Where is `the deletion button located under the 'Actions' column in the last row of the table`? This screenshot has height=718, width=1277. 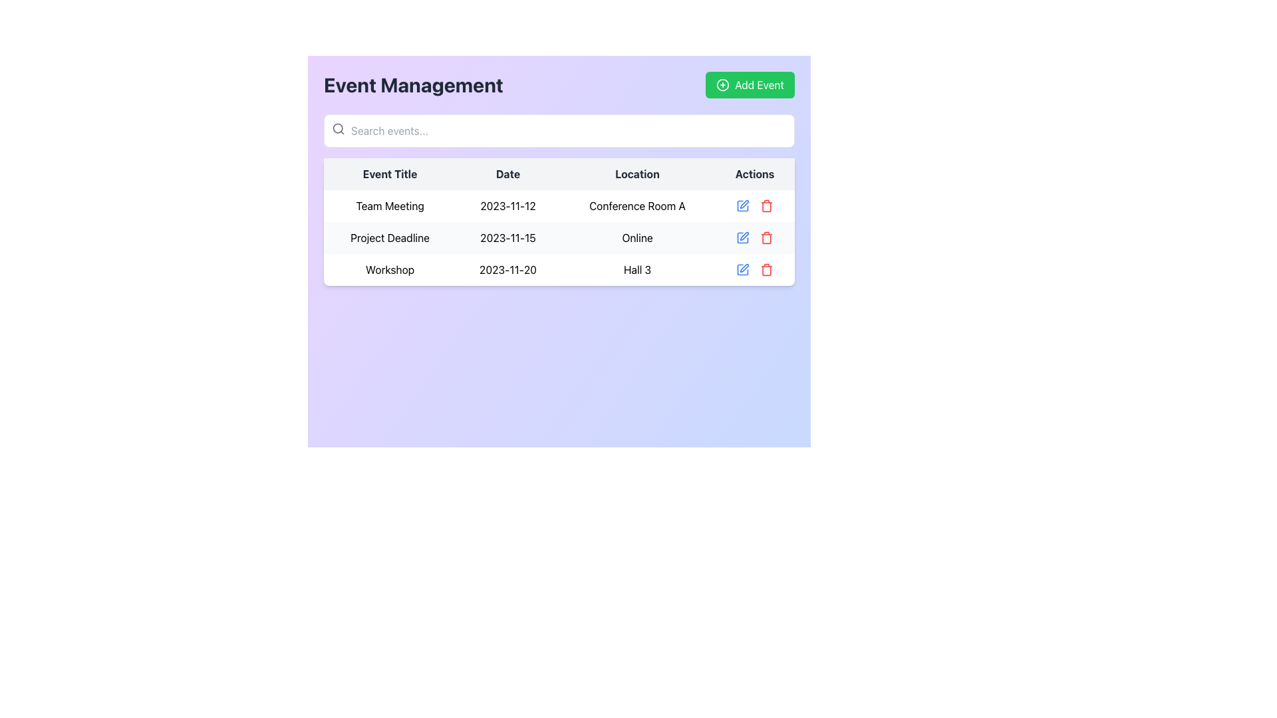 the deletion button located under the 'Actions' column in the last row of the table is located at coordinates (767, 269).